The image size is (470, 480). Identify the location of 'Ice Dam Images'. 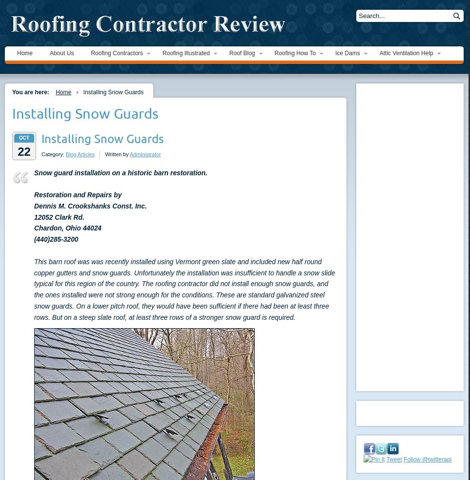
(183, 85).